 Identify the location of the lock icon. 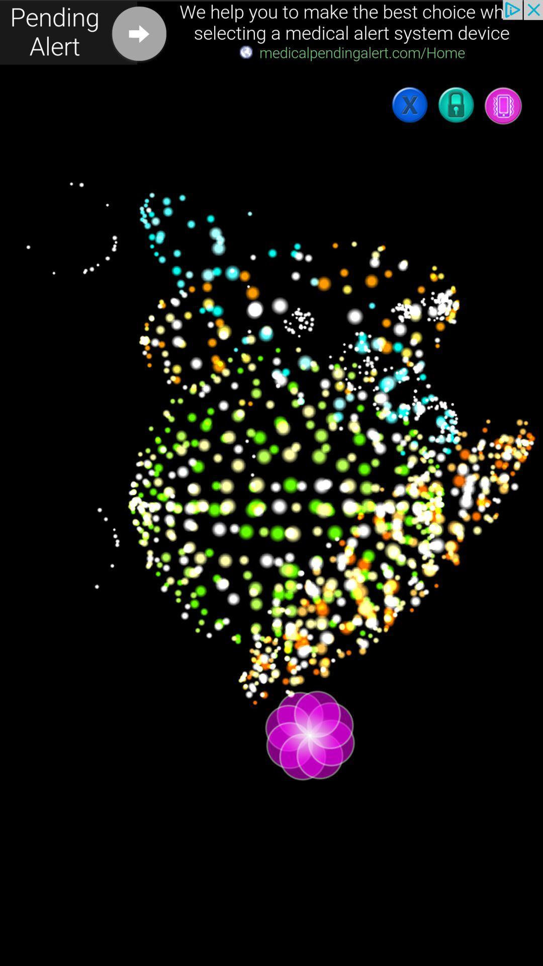
(457, 106).